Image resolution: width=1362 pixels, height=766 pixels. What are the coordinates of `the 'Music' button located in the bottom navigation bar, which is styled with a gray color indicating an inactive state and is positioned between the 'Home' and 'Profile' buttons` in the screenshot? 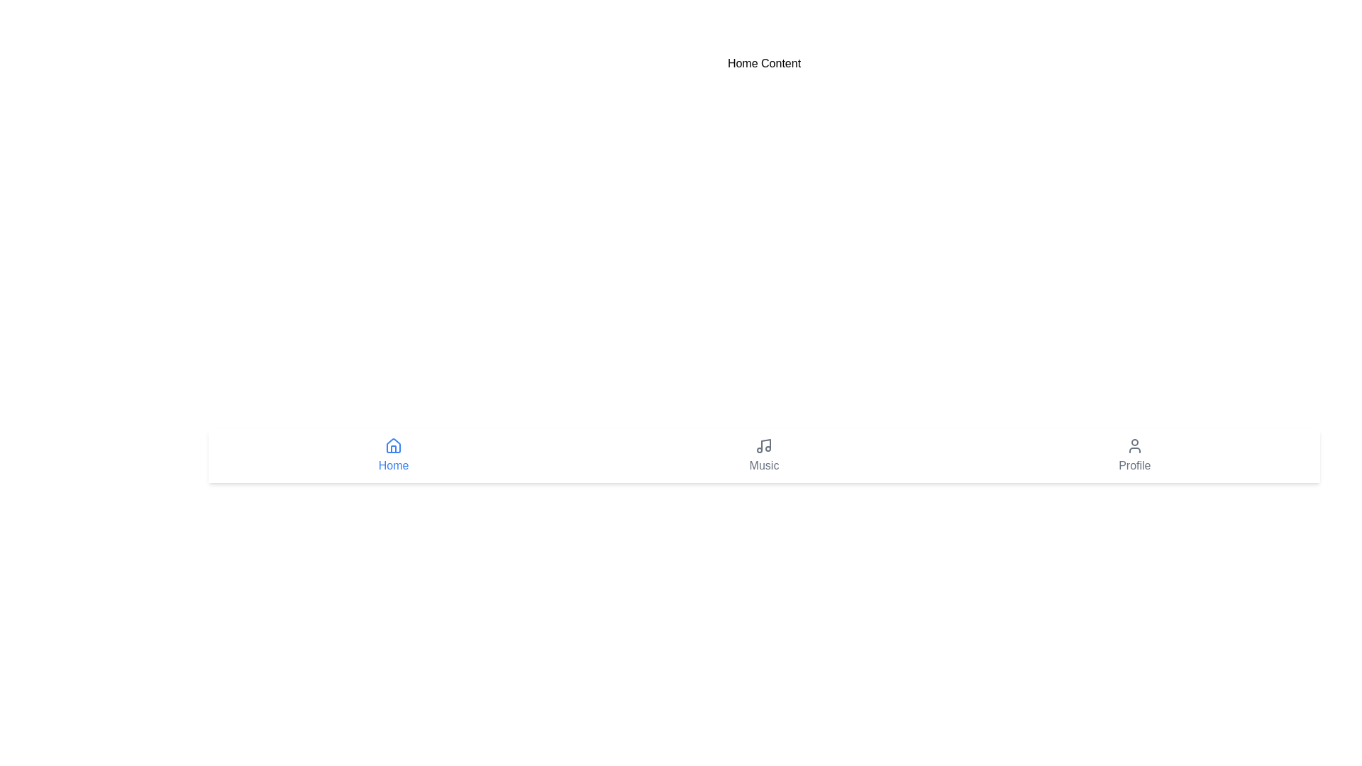 It's located at (763, 456).